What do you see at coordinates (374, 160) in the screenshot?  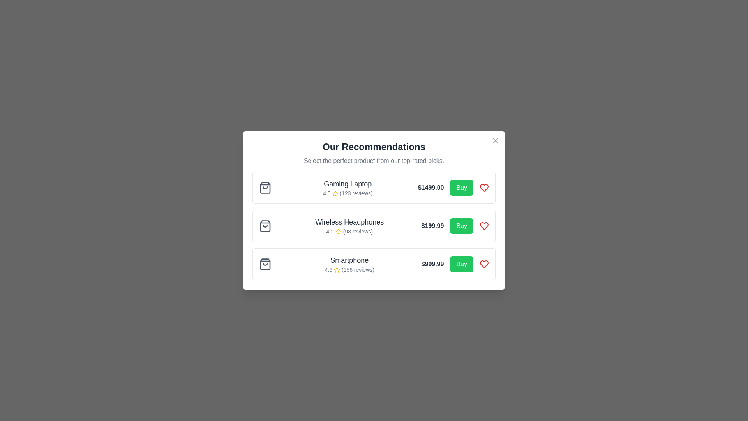 I see `the text element that provides a brief description for the recommendation section, located beneath the heading 'Our Recommendations' in the content box` at bounding box center [374, 160].